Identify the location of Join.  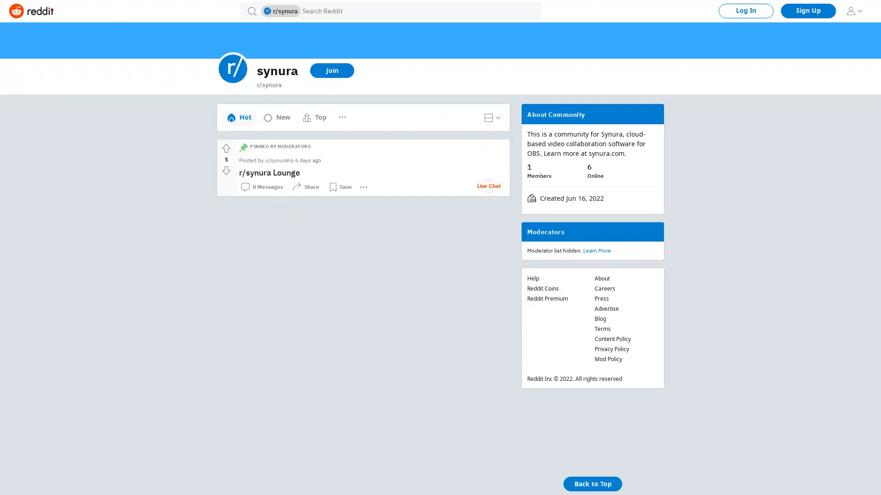
(332, 70).